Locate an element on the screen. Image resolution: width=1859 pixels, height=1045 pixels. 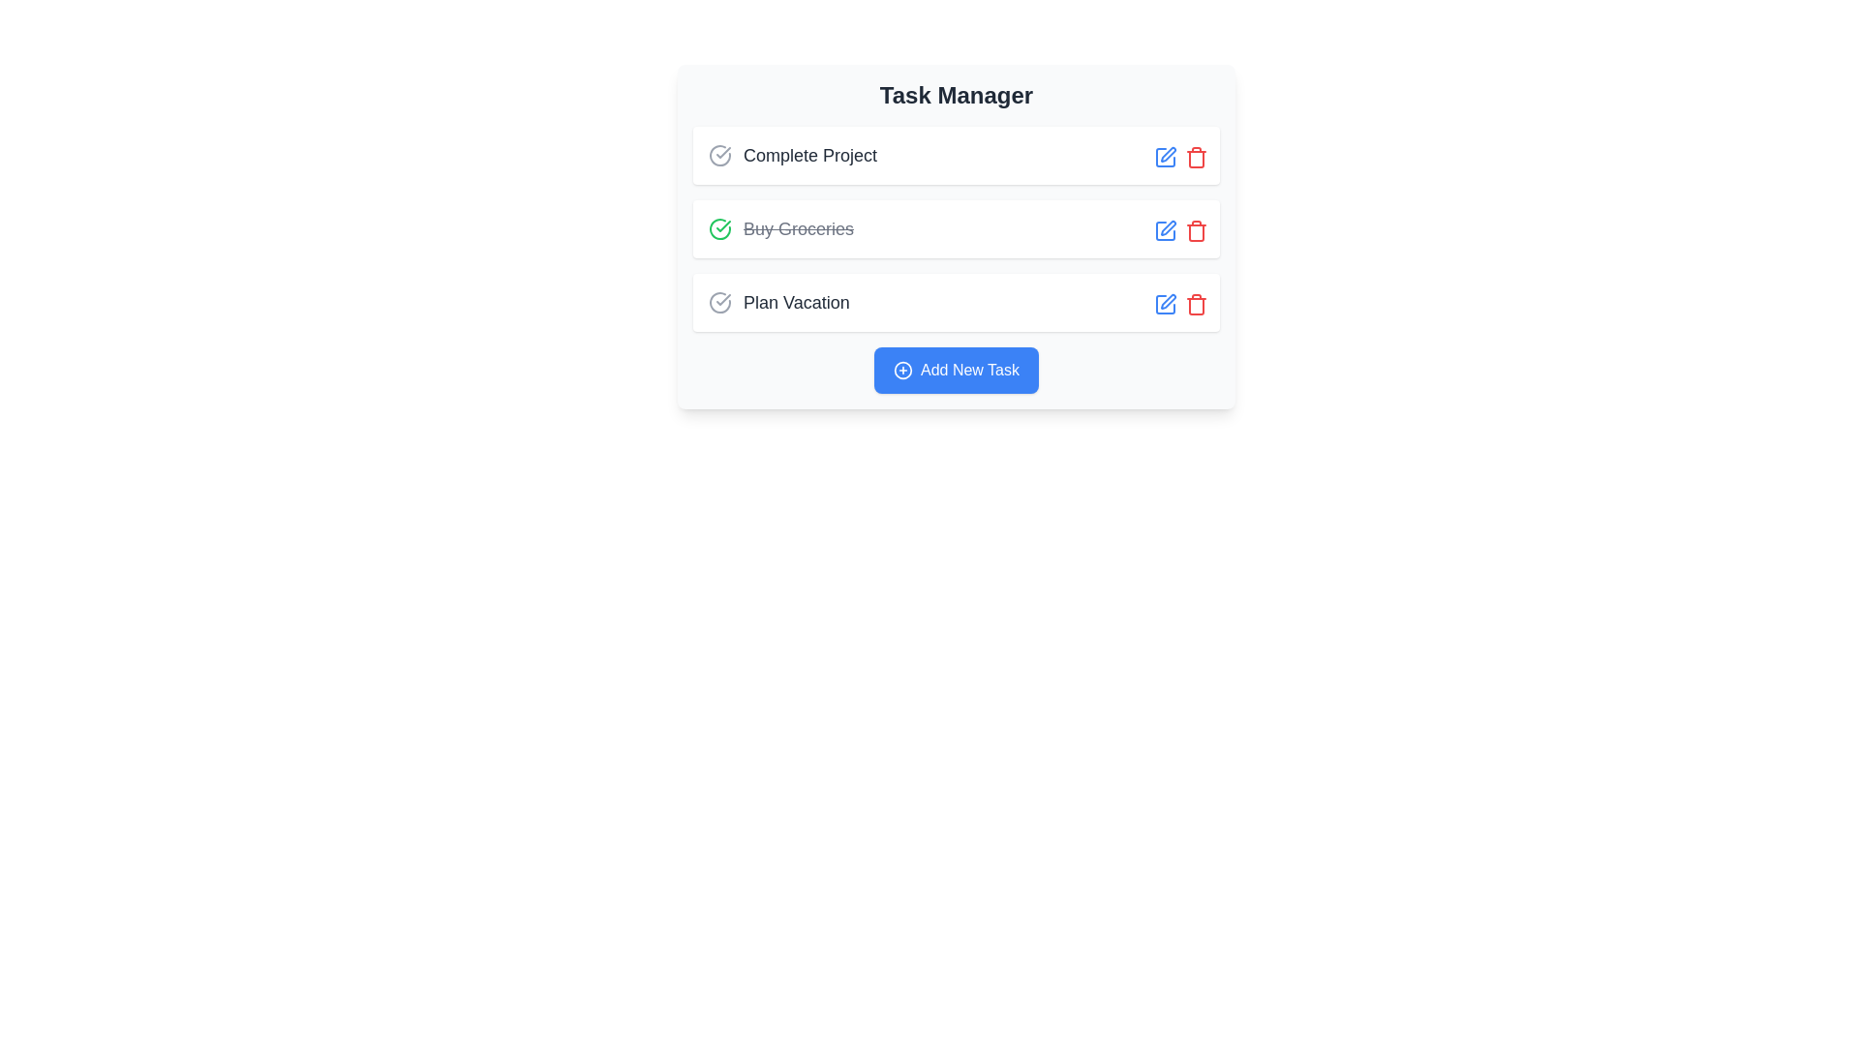
the checkmark graphic inside the circular completion symbol for the 'Buy Groceries' task to mark it as completed is located at coordinates (722, 225).